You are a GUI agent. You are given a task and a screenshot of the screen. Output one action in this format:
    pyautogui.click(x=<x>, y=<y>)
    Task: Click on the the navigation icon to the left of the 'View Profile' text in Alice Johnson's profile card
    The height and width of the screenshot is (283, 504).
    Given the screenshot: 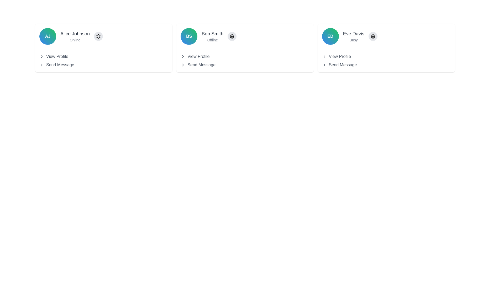 What is the action you would take?
    pyautogui.click(x=41, y=57)
    